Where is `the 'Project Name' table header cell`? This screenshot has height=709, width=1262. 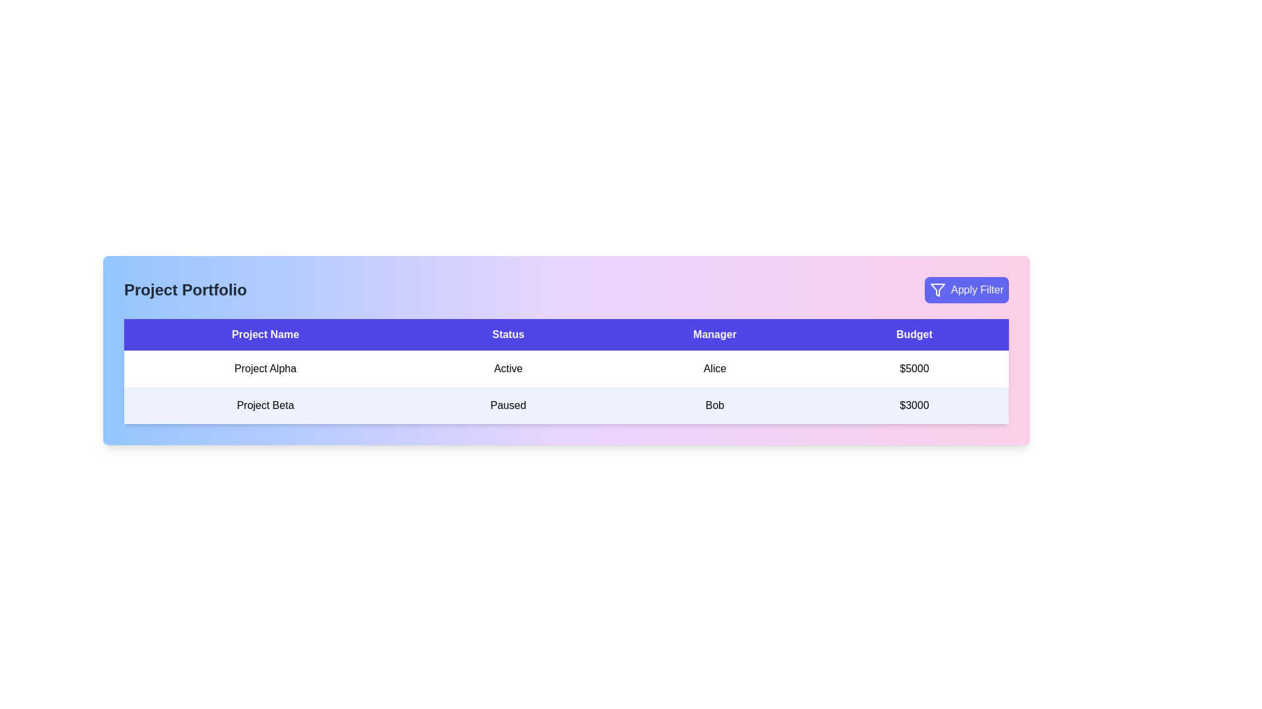 the 'Project Name' table header cell is located at coordinates (264, 333).